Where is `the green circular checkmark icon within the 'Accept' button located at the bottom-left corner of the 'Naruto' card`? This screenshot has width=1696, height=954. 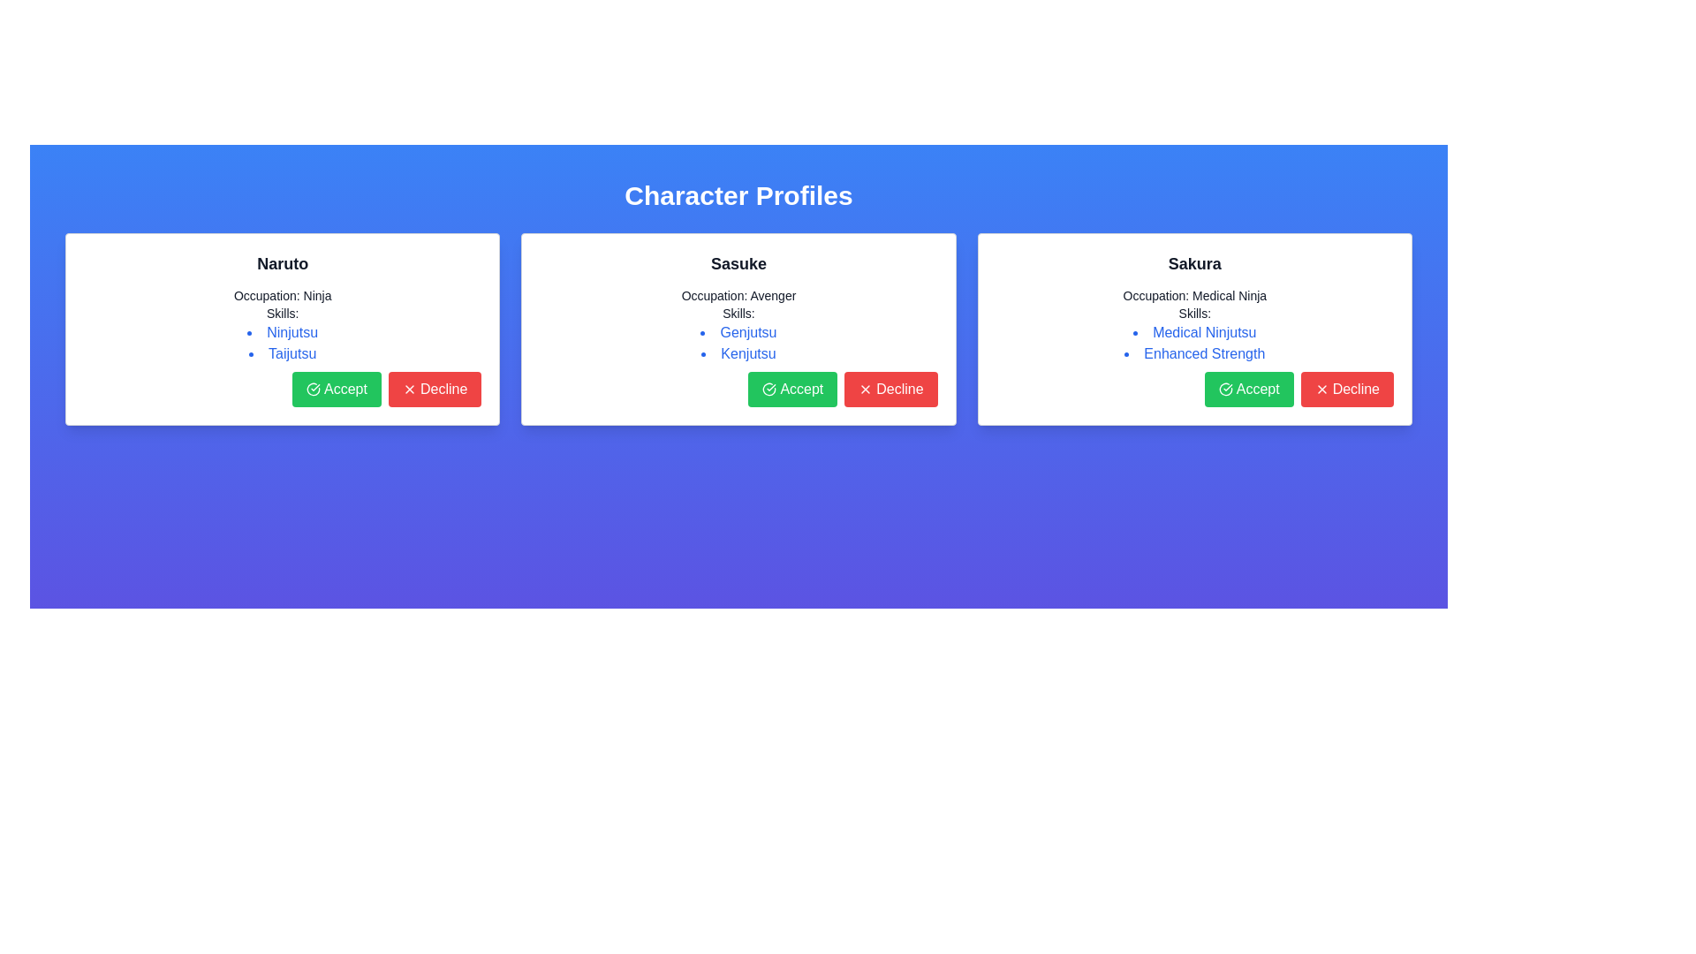 the green circular checkmark icon within the 'Accept' button located at the bottom-left corner of the 'Naruto' card is located at coordinates (314, 388).